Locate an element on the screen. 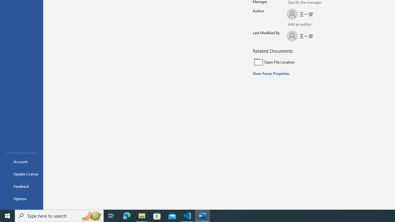  'Open File Location' is located at coordinates (294, 62).